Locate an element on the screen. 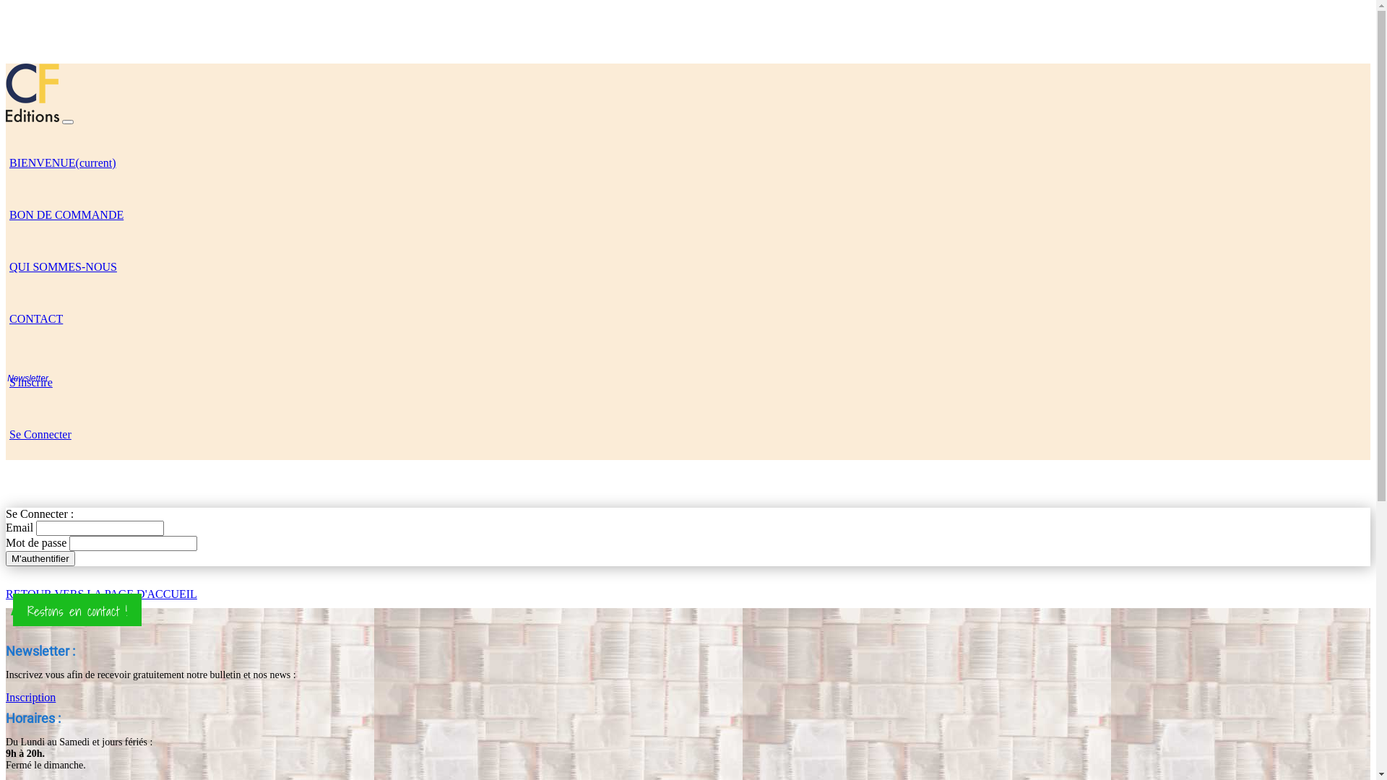 The width and height of the screenshot is (1387, 780). 'M'authentifier' is located at coordinates (40, 558).